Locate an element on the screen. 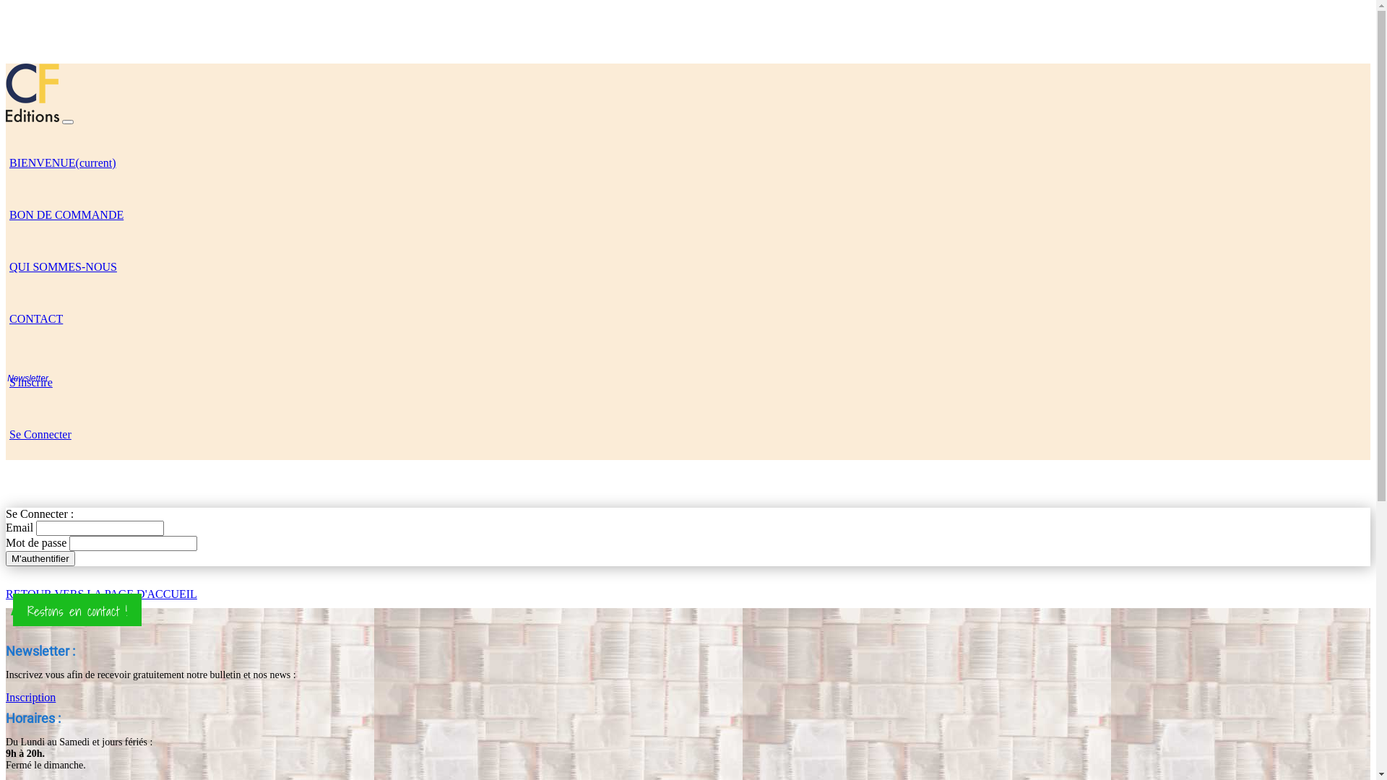 The width and height of the screenshot is (1387, 780). 'M'authentifier' is located at coordinates (40, 558).